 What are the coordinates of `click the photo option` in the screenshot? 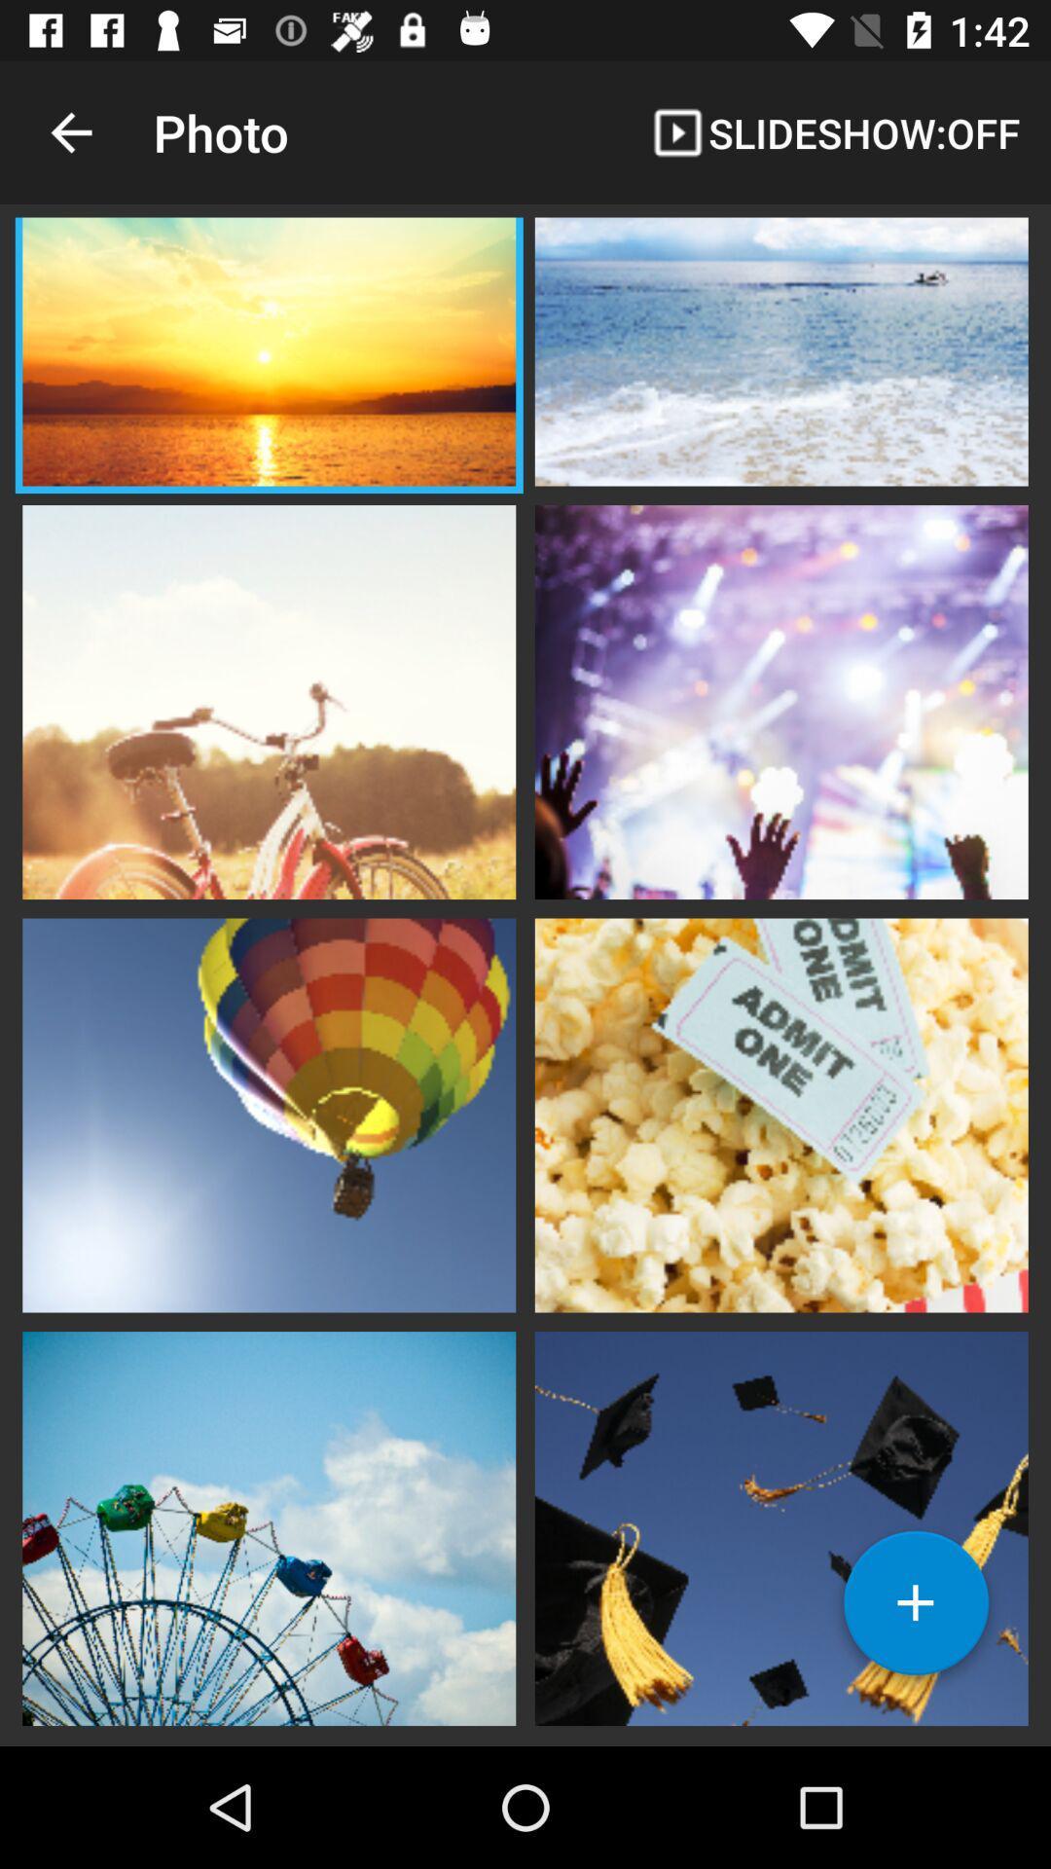 It's located at (269, 354).